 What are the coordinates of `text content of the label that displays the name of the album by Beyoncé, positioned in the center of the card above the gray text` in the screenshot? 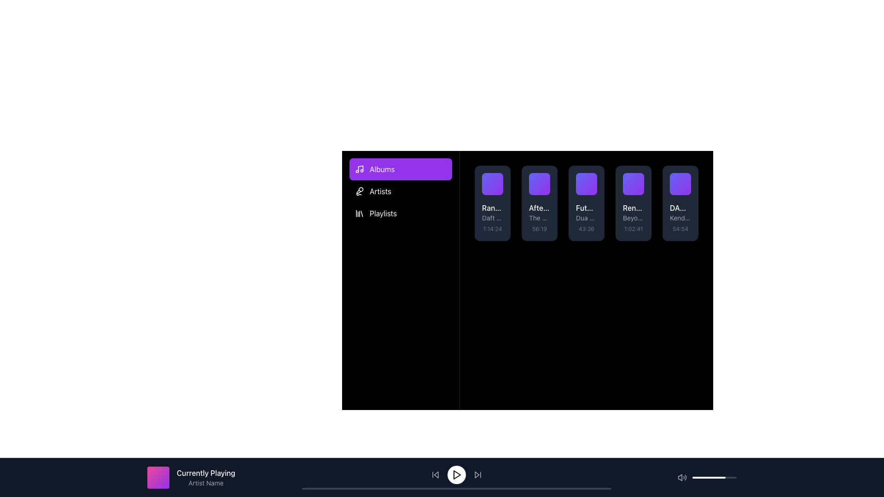 It's located at (633, 208).